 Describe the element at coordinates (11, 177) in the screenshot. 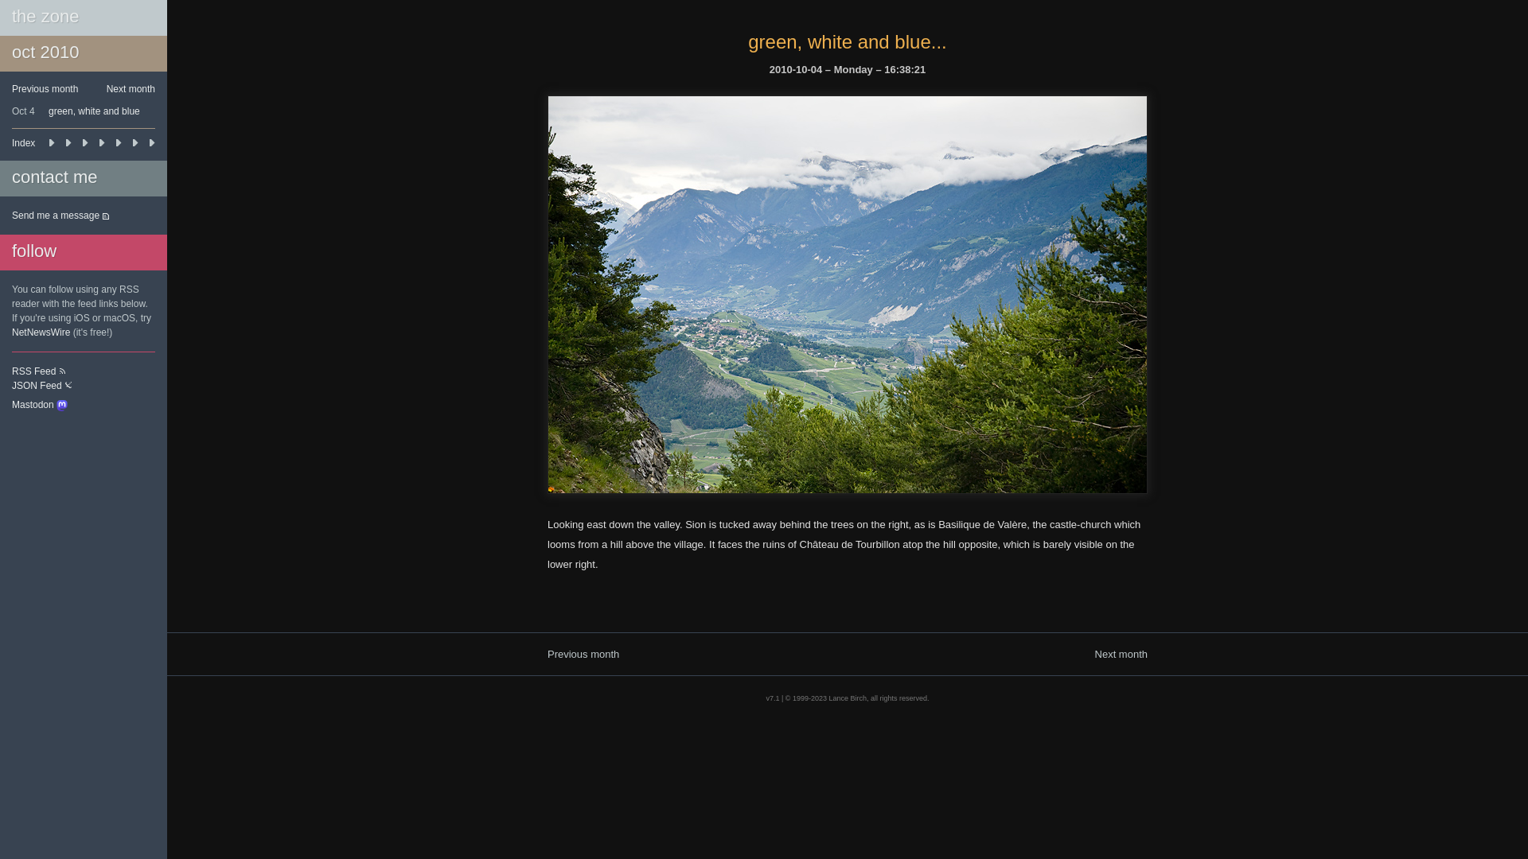

I see `'contact me'` at that location.